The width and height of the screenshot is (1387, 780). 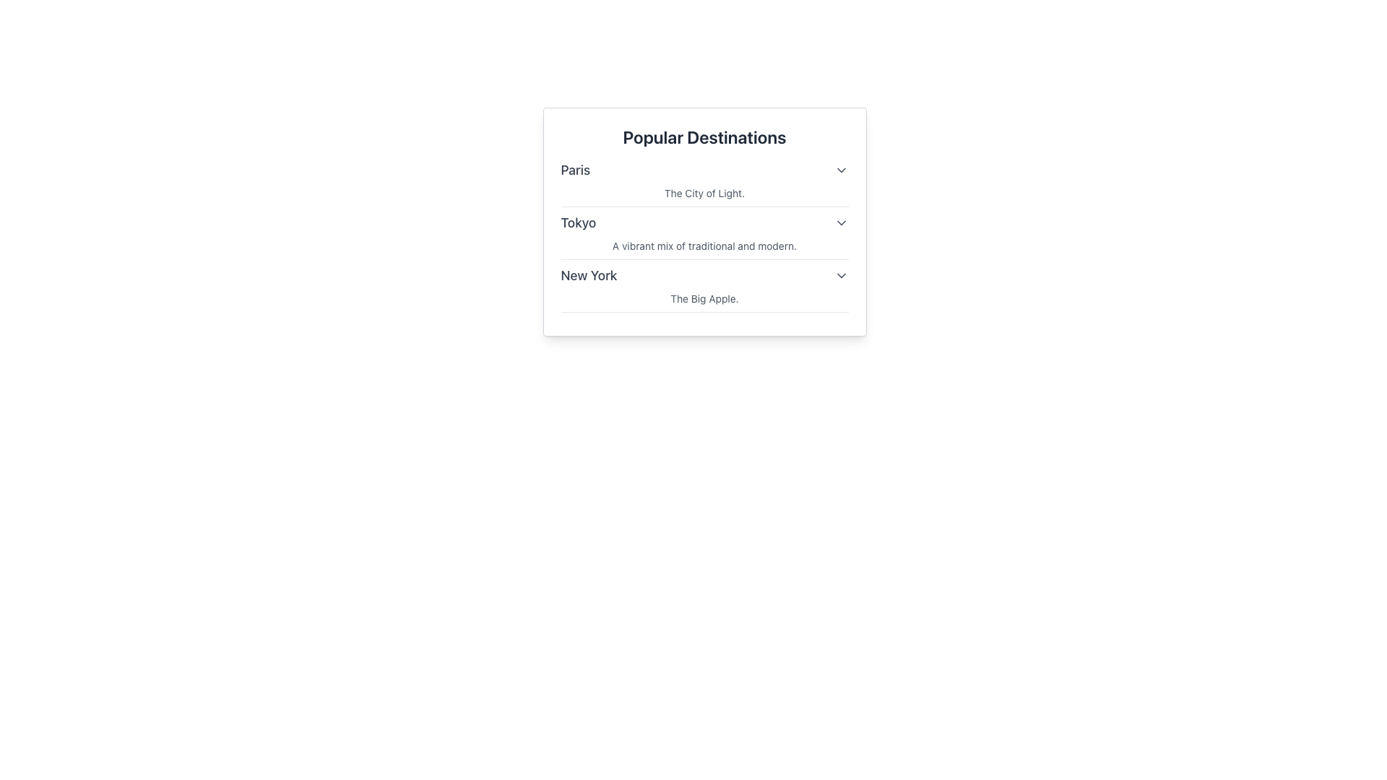 What do you see at coordinates (704, 235) in the screenshot?
I see `the dropdown arrow of the section providing information about Tokyo, located under 'Popular Destinations'` at bounding box center [704, 235].